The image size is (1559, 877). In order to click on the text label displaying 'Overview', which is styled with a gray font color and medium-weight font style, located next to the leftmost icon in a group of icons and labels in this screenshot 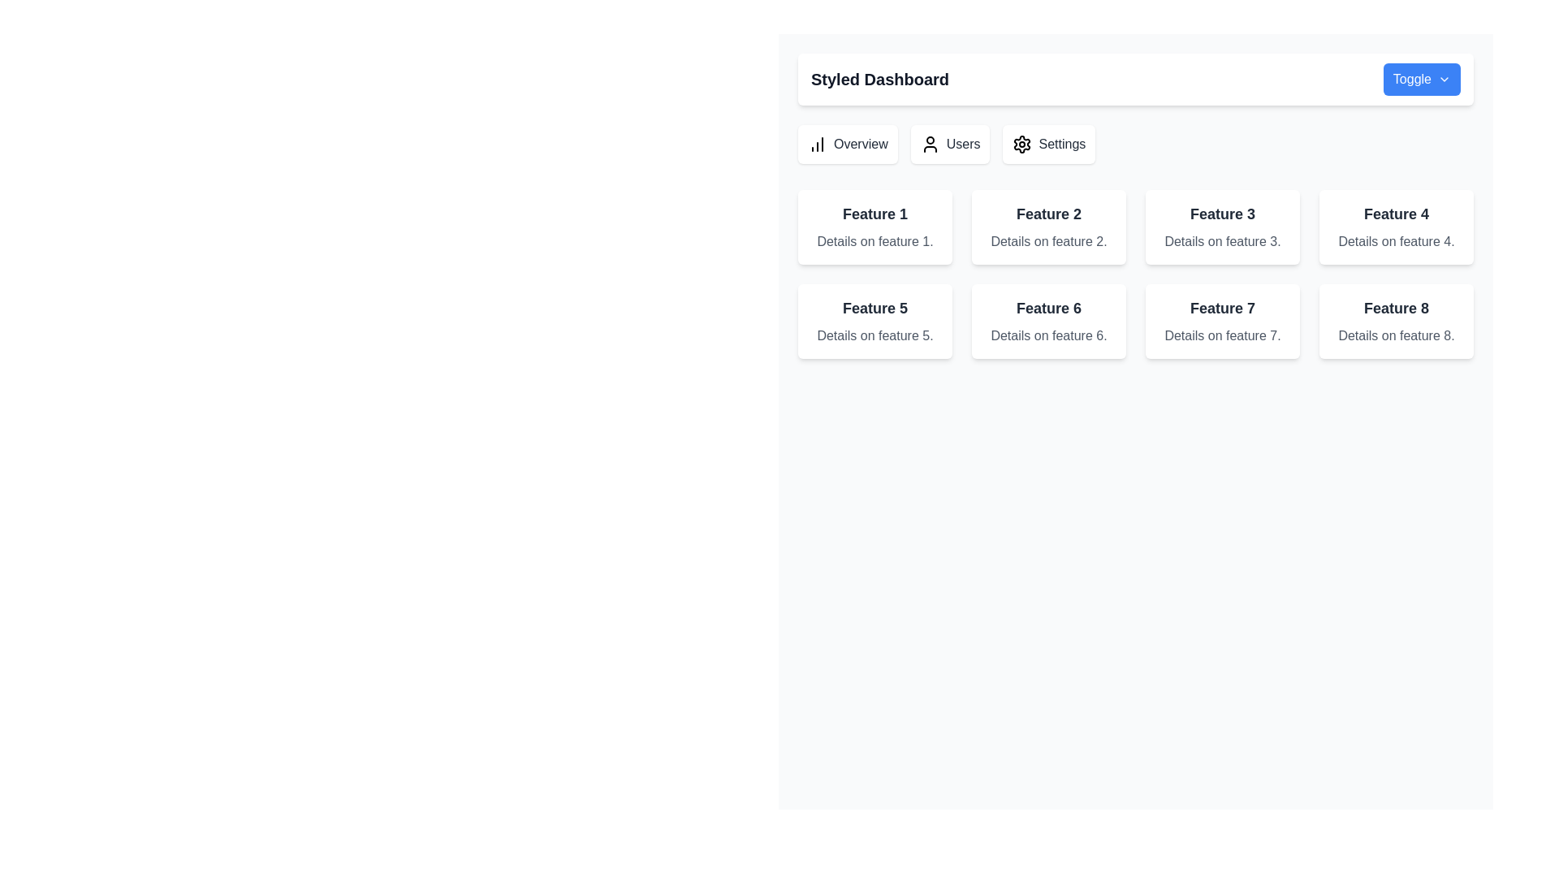, I will do `click(860, 143)`.